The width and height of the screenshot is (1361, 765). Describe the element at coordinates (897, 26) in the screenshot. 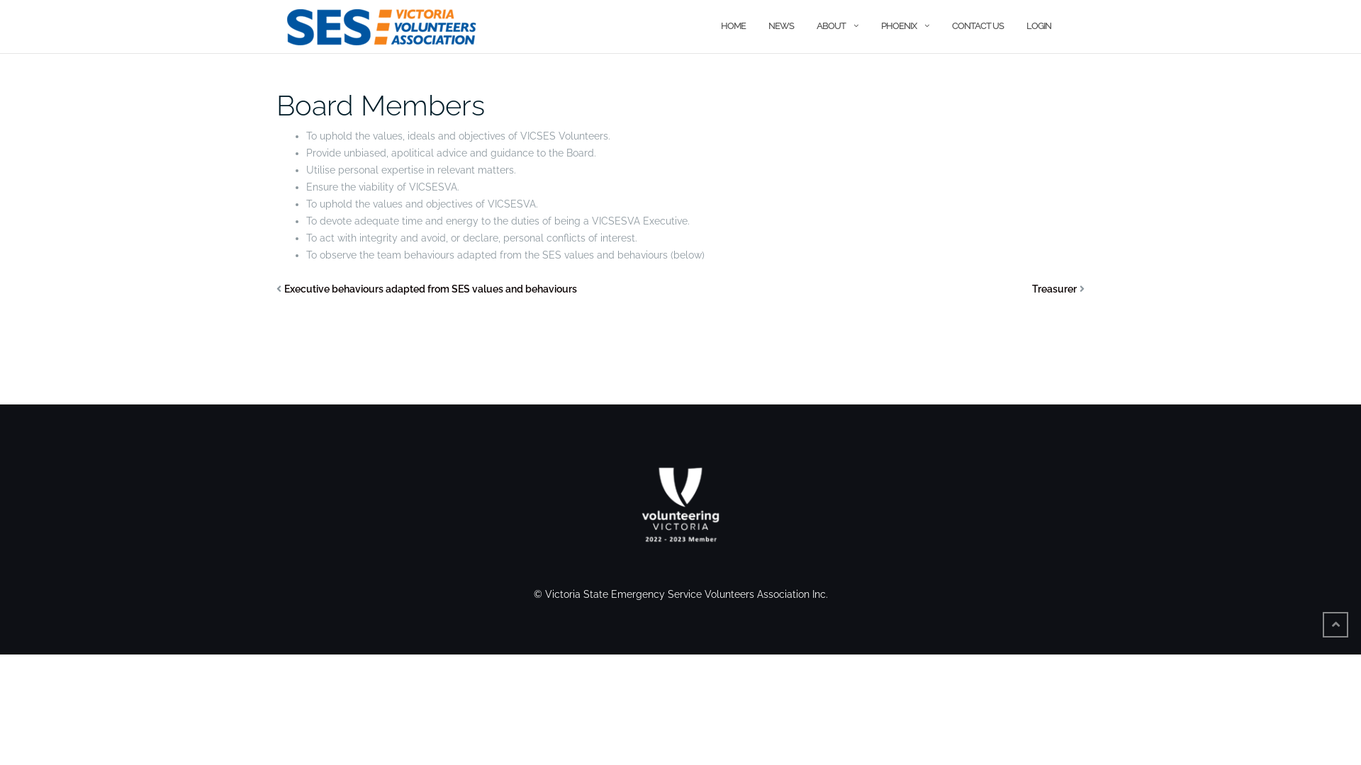

I see `'PHOENIX'` at that location.